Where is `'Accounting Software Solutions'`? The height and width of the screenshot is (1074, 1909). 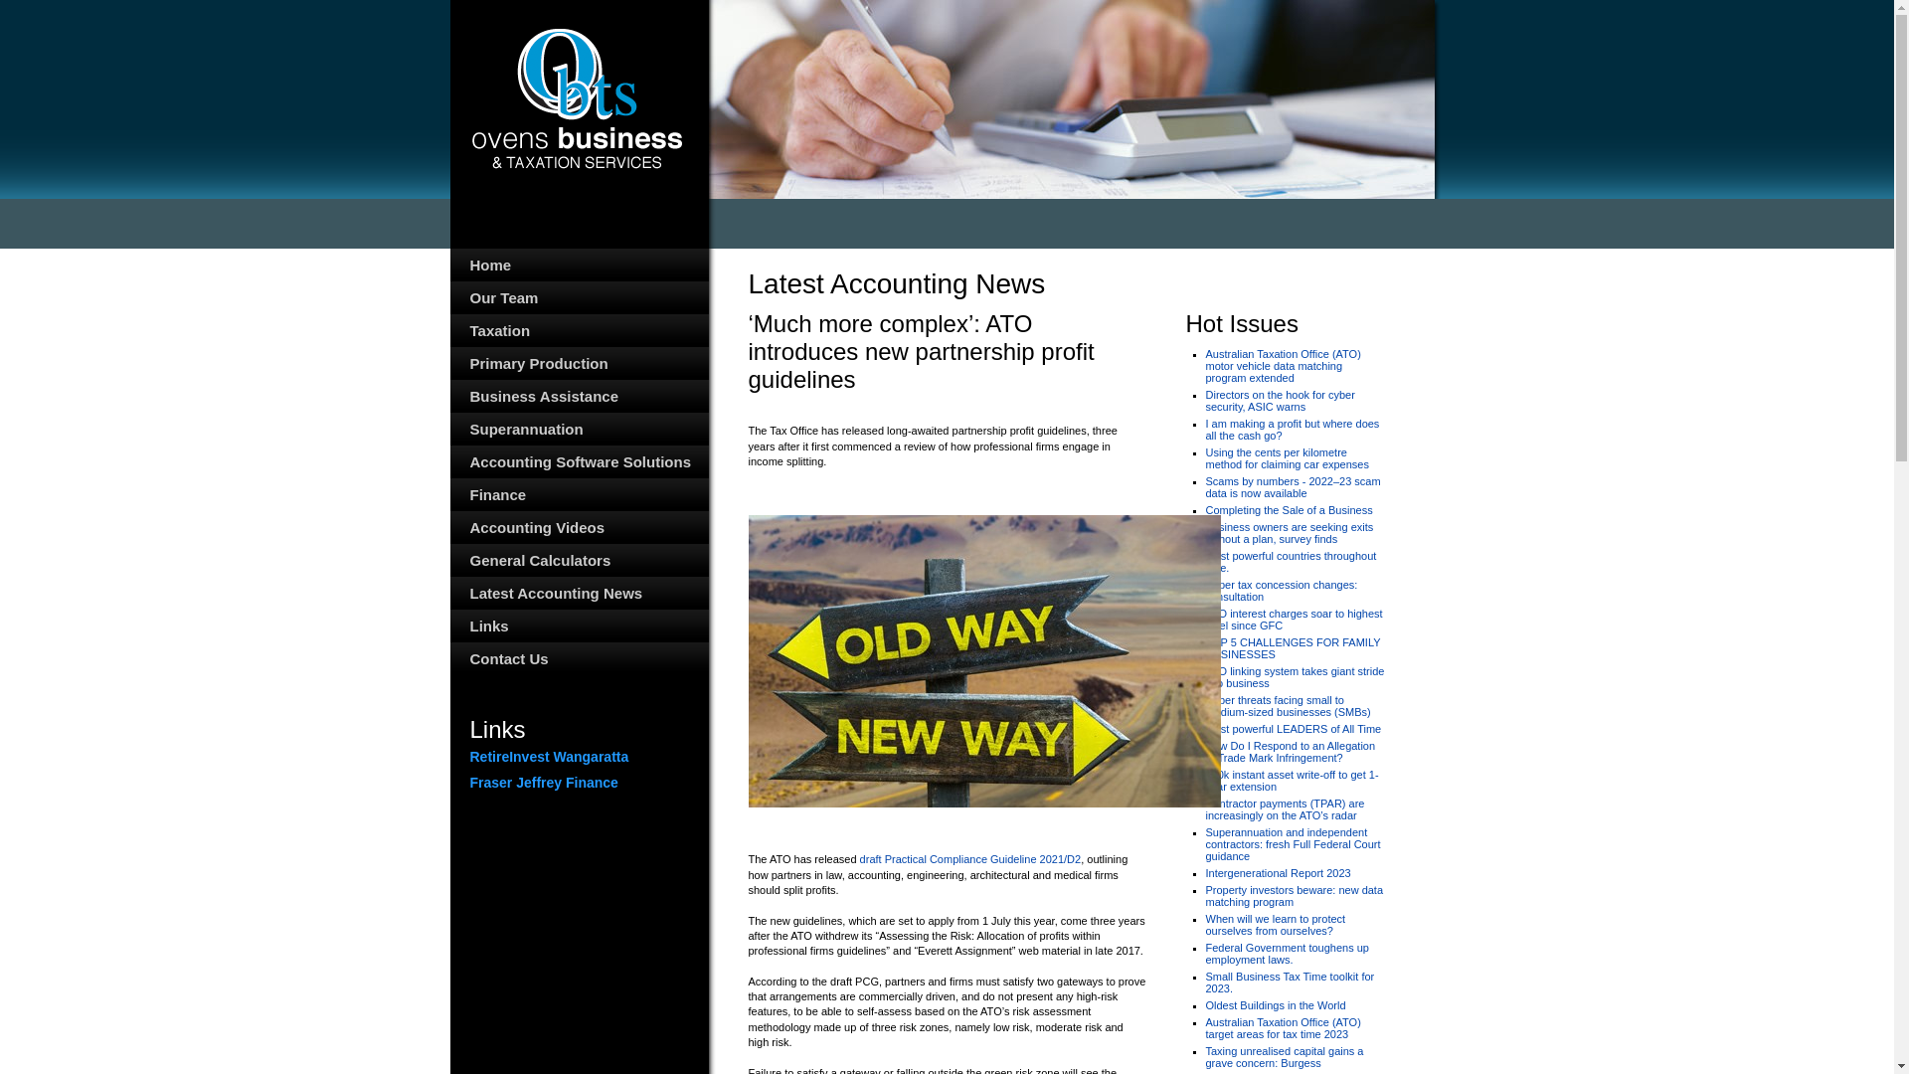
'Accounting Software Solutions' is located at coordinates (577, 461).